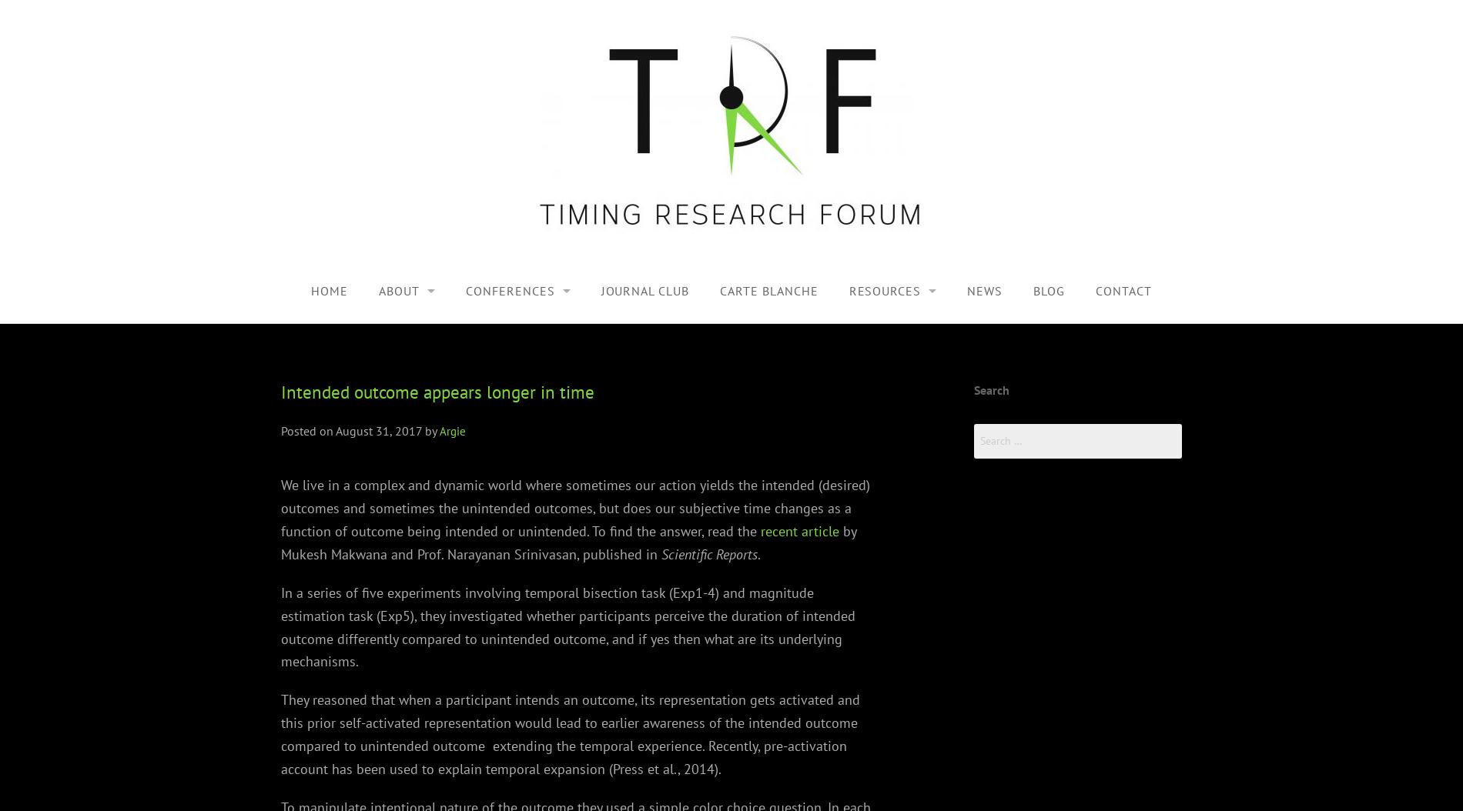 This screenshot has height=811, width=1463. Describe the element at coordinates (775, 399) in the screenshot. I see `'PhD theses'` at that location.